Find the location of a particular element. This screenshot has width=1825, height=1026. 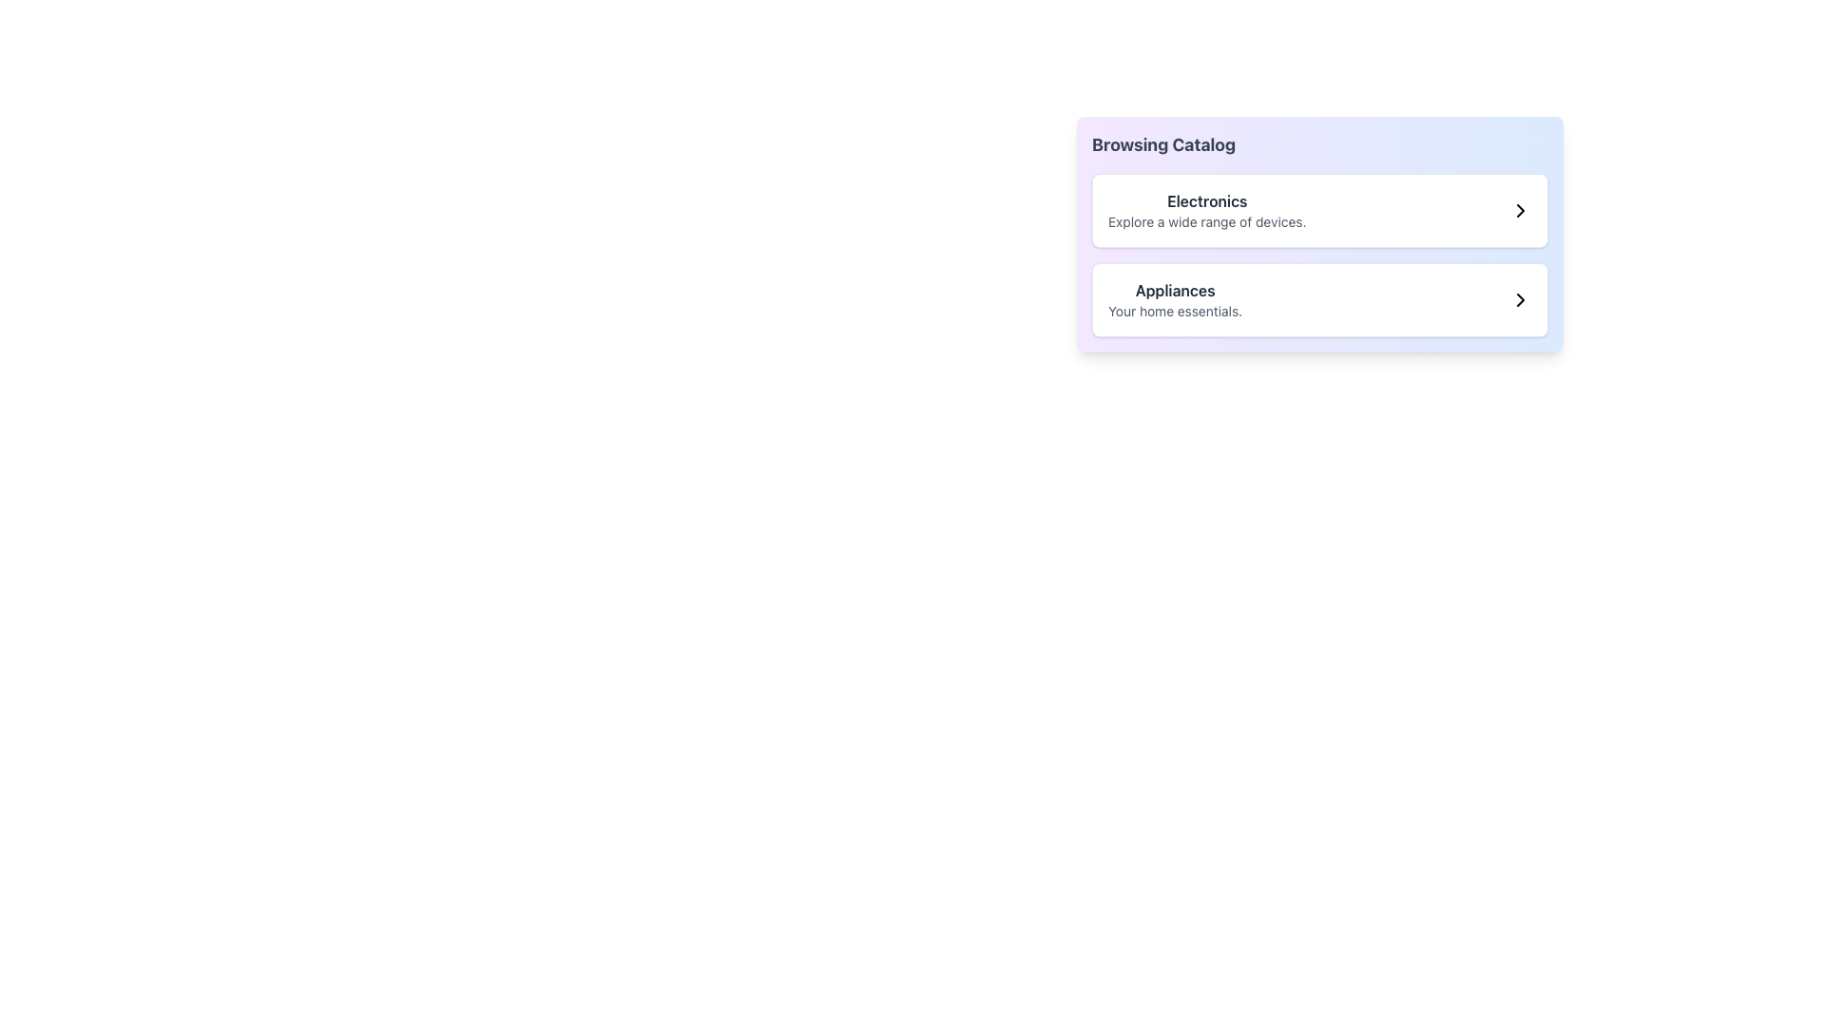

the Chevron Icon located at the far-right edge of the 'Electronics' card is located at coordinates (1519, 211).